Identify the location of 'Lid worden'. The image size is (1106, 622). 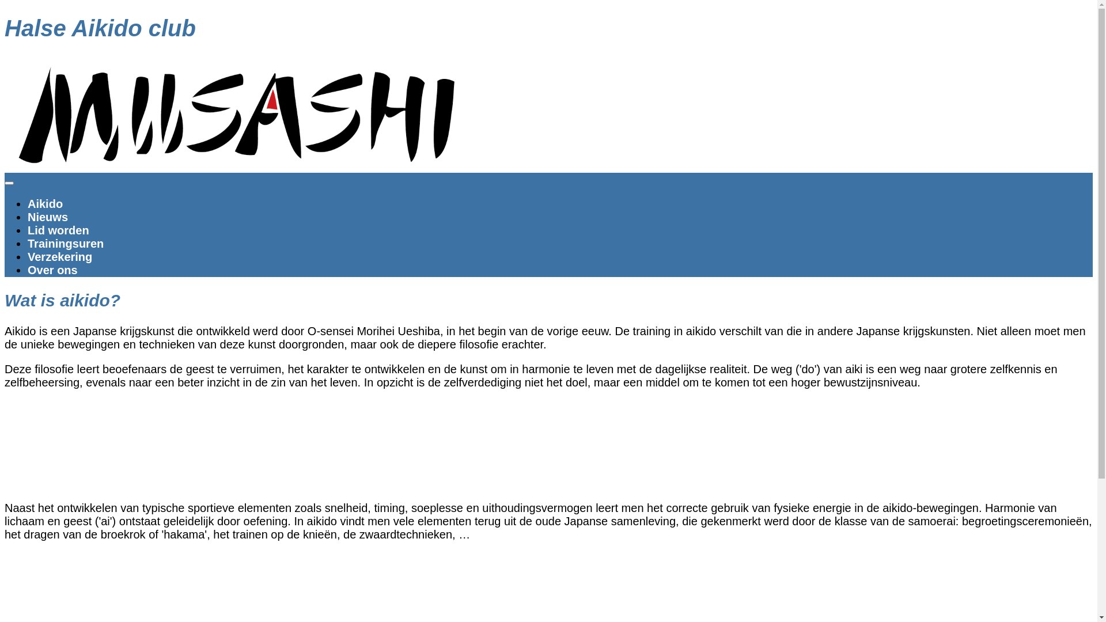
(28, 230).